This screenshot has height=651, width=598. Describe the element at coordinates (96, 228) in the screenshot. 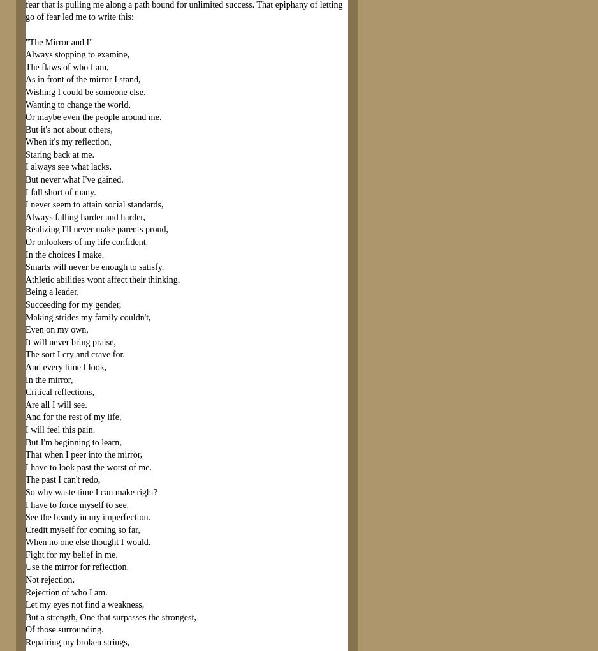

I see `'Realizing I'll never make parents proud,'` at that location.